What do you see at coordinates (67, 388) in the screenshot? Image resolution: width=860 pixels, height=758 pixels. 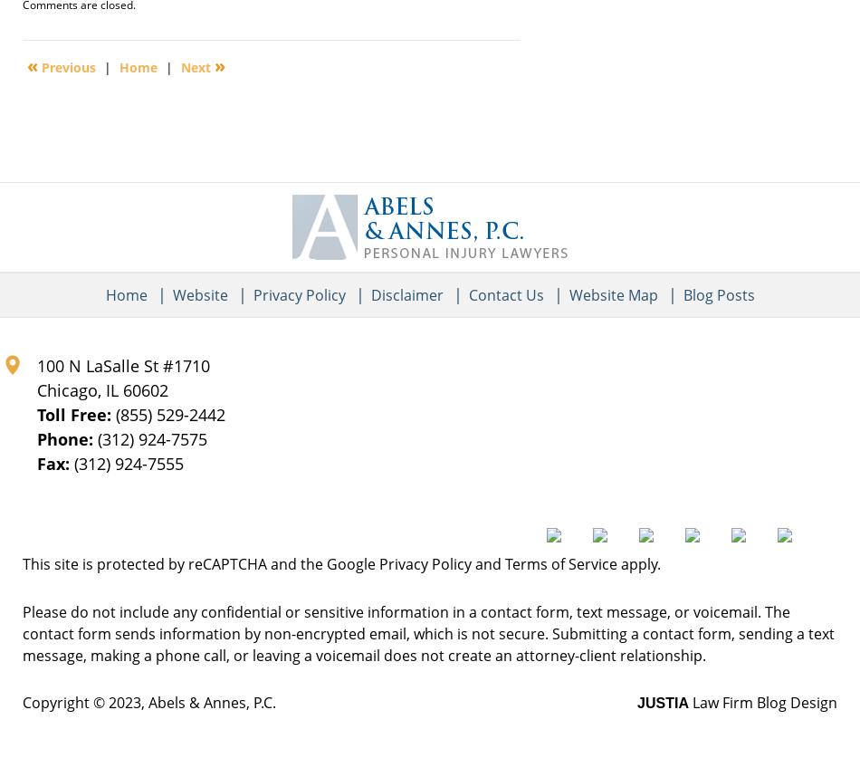 I see `'Chicago'` at bounding box center [67, 388].